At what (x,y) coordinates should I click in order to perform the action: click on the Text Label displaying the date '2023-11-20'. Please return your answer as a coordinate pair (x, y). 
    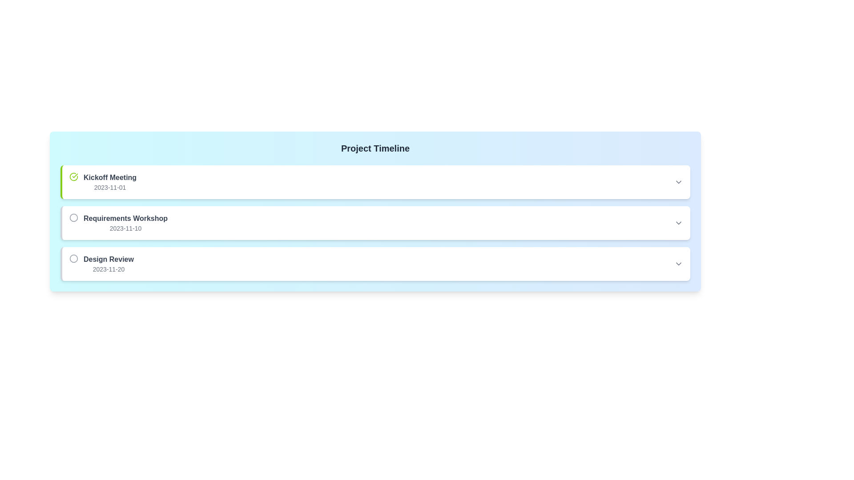
    Looking at the image, I should click on (108, 268).